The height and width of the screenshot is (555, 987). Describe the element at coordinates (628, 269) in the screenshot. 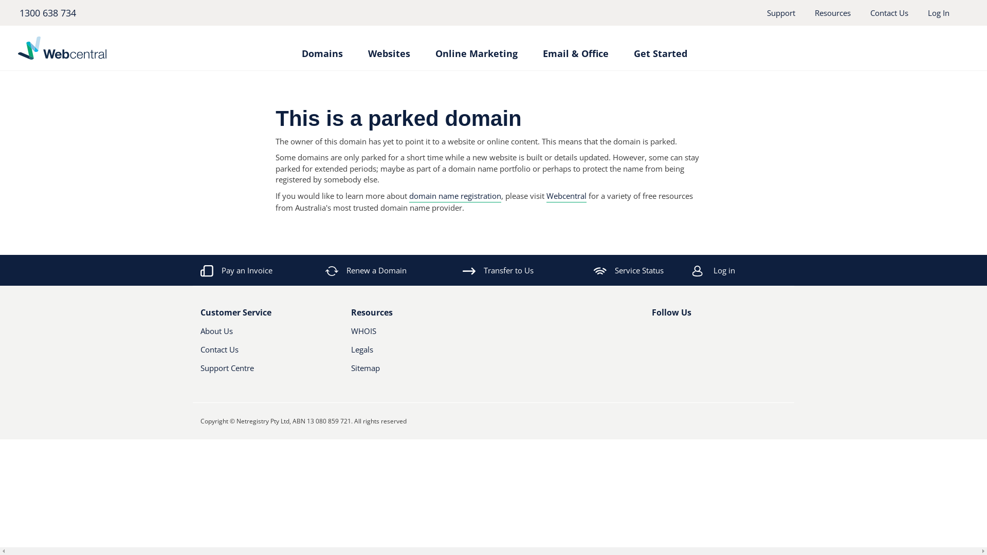

I see `'Service Status'` at that location.